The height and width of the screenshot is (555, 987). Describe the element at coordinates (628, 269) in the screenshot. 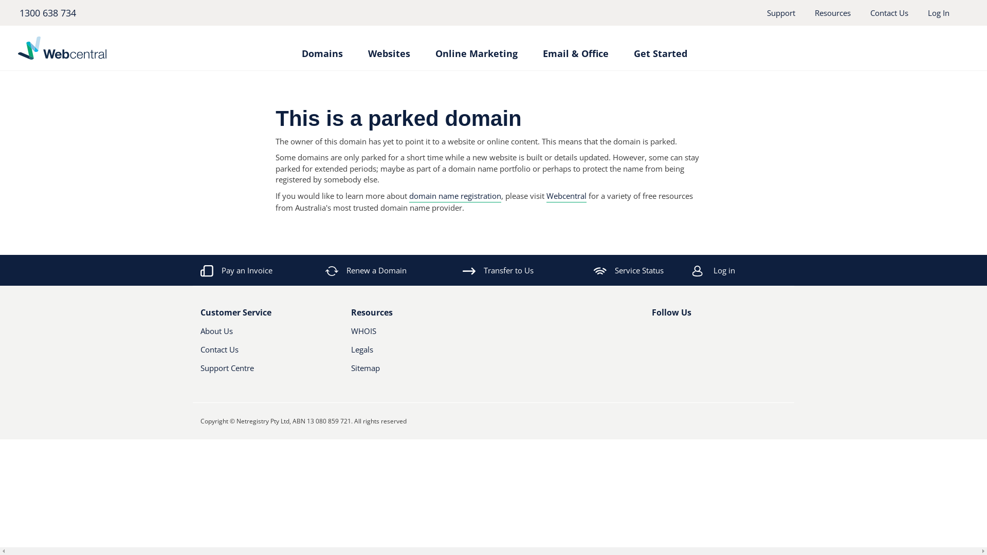

I see `'Service Status'` at that location.